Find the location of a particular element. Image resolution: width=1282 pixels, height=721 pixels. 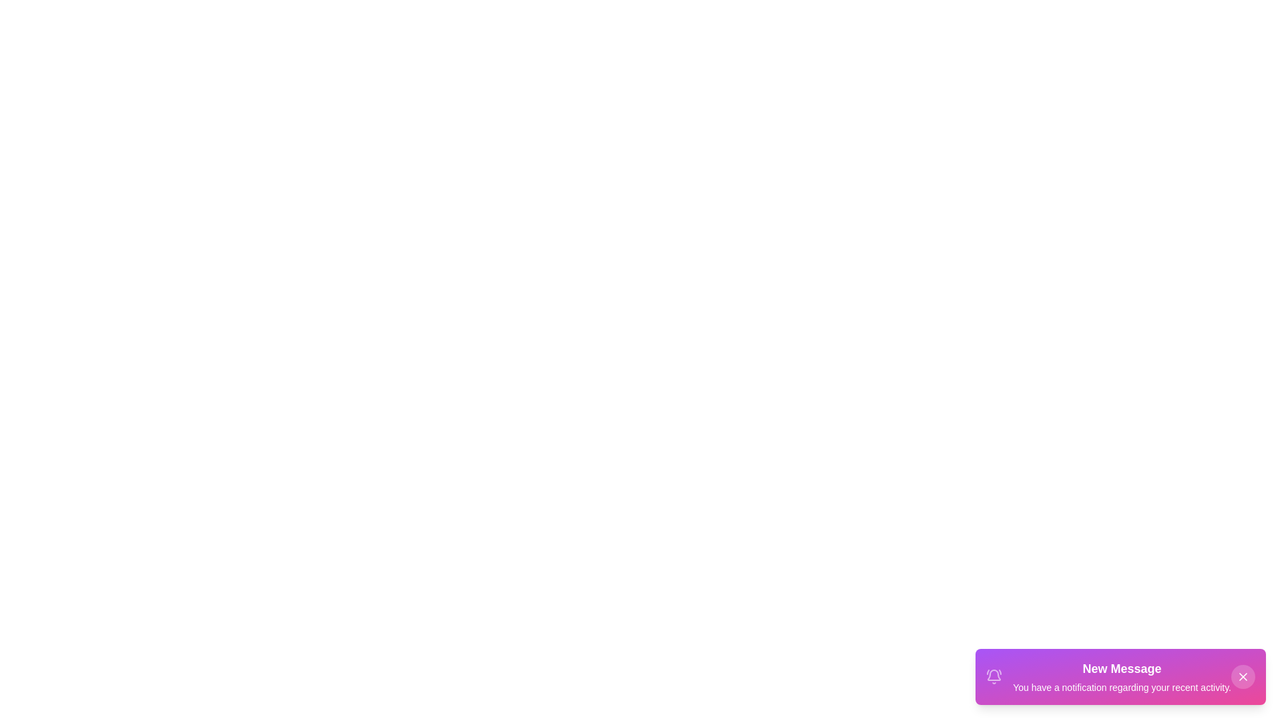

the notification icon in the snackbar is located at coordinates (994, 677).